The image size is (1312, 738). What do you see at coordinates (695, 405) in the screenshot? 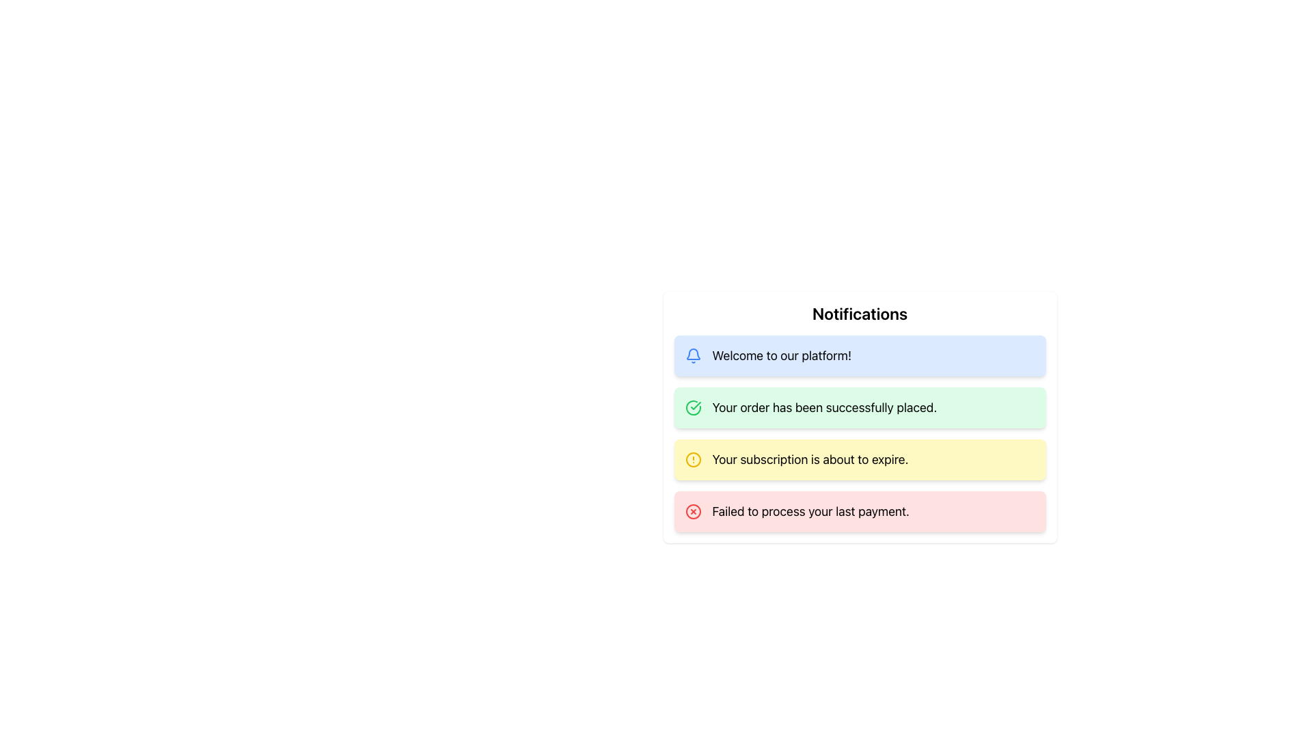
I see `the green checkmark icon located in the second notification item labeled 'Your order has been successfully placed'` at bounding box center [695, 405].